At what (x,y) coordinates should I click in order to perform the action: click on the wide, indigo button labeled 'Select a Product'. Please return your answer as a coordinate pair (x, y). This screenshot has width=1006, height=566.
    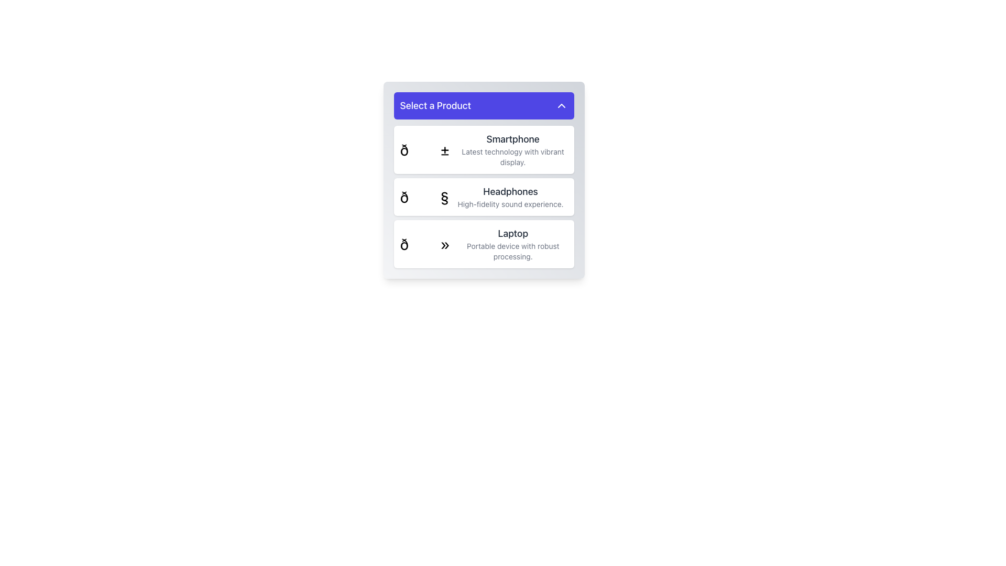
    Looking at the image, I should click on (483, 105).